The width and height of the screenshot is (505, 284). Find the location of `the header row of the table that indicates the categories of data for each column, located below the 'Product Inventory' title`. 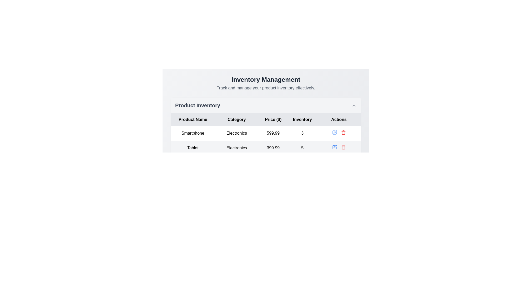

the header row of the table that indicates the categories of data for each column, located below the 'Product Inventory' title is located at coordinates (266, 120).